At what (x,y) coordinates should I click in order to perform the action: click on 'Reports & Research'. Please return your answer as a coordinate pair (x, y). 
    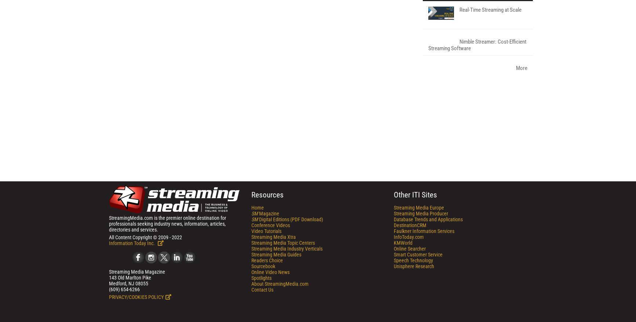
    Looking at the image, I should click on (462, 88).